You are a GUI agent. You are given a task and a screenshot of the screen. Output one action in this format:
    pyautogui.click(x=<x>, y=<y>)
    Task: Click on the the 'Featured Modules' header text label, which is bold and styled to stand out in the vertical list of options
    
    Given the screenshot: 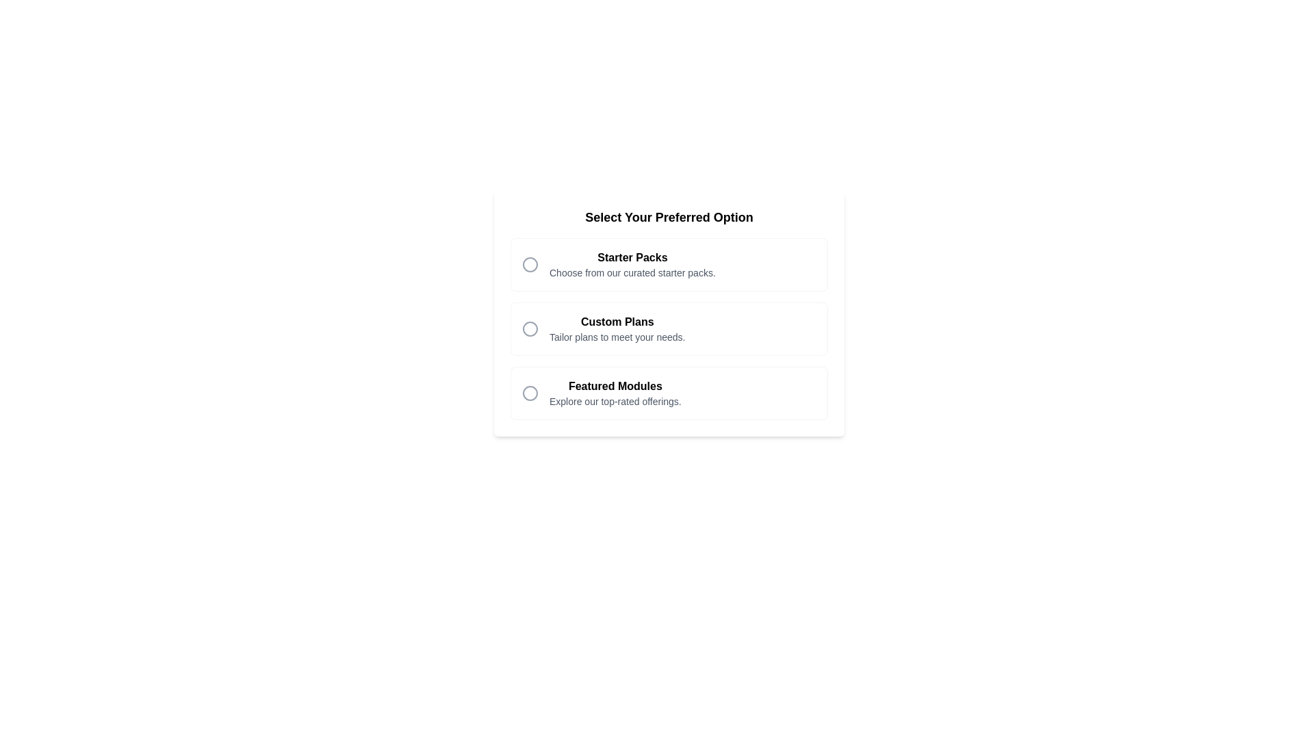 What is the action you would take?
    pyautogui.click(x=615, y=386)
    